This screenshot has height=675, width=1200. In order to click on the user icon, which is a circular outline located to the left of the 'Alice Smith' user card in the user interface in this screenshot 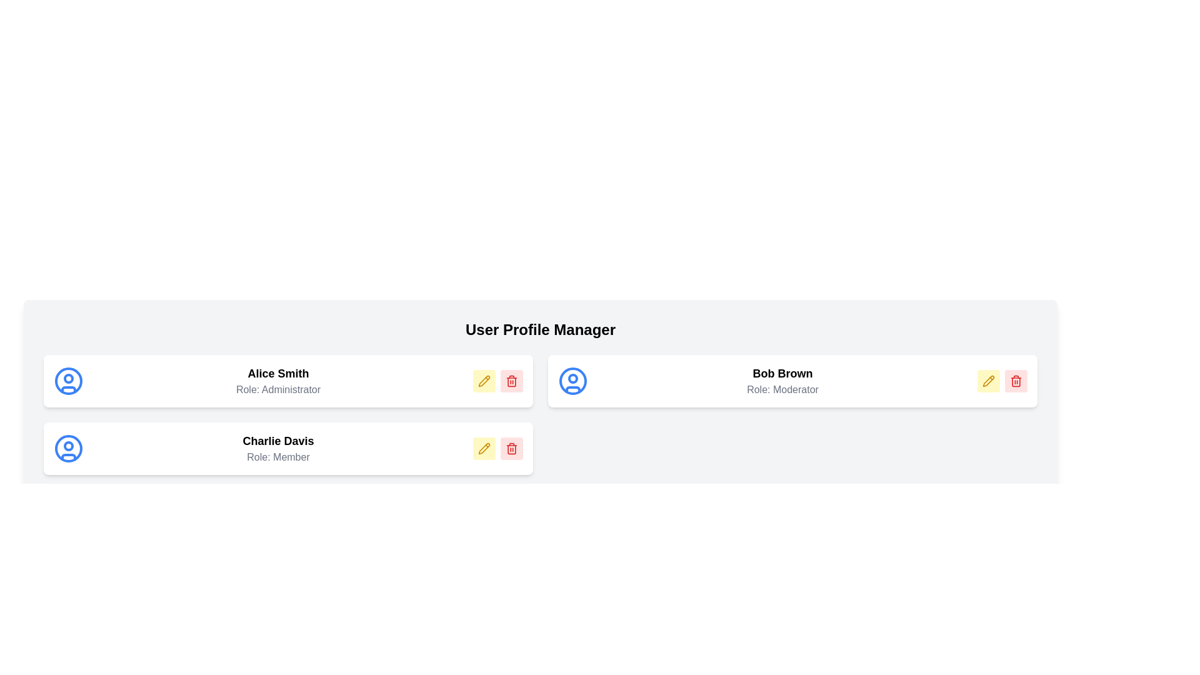, I will do `click(68, 380)`.